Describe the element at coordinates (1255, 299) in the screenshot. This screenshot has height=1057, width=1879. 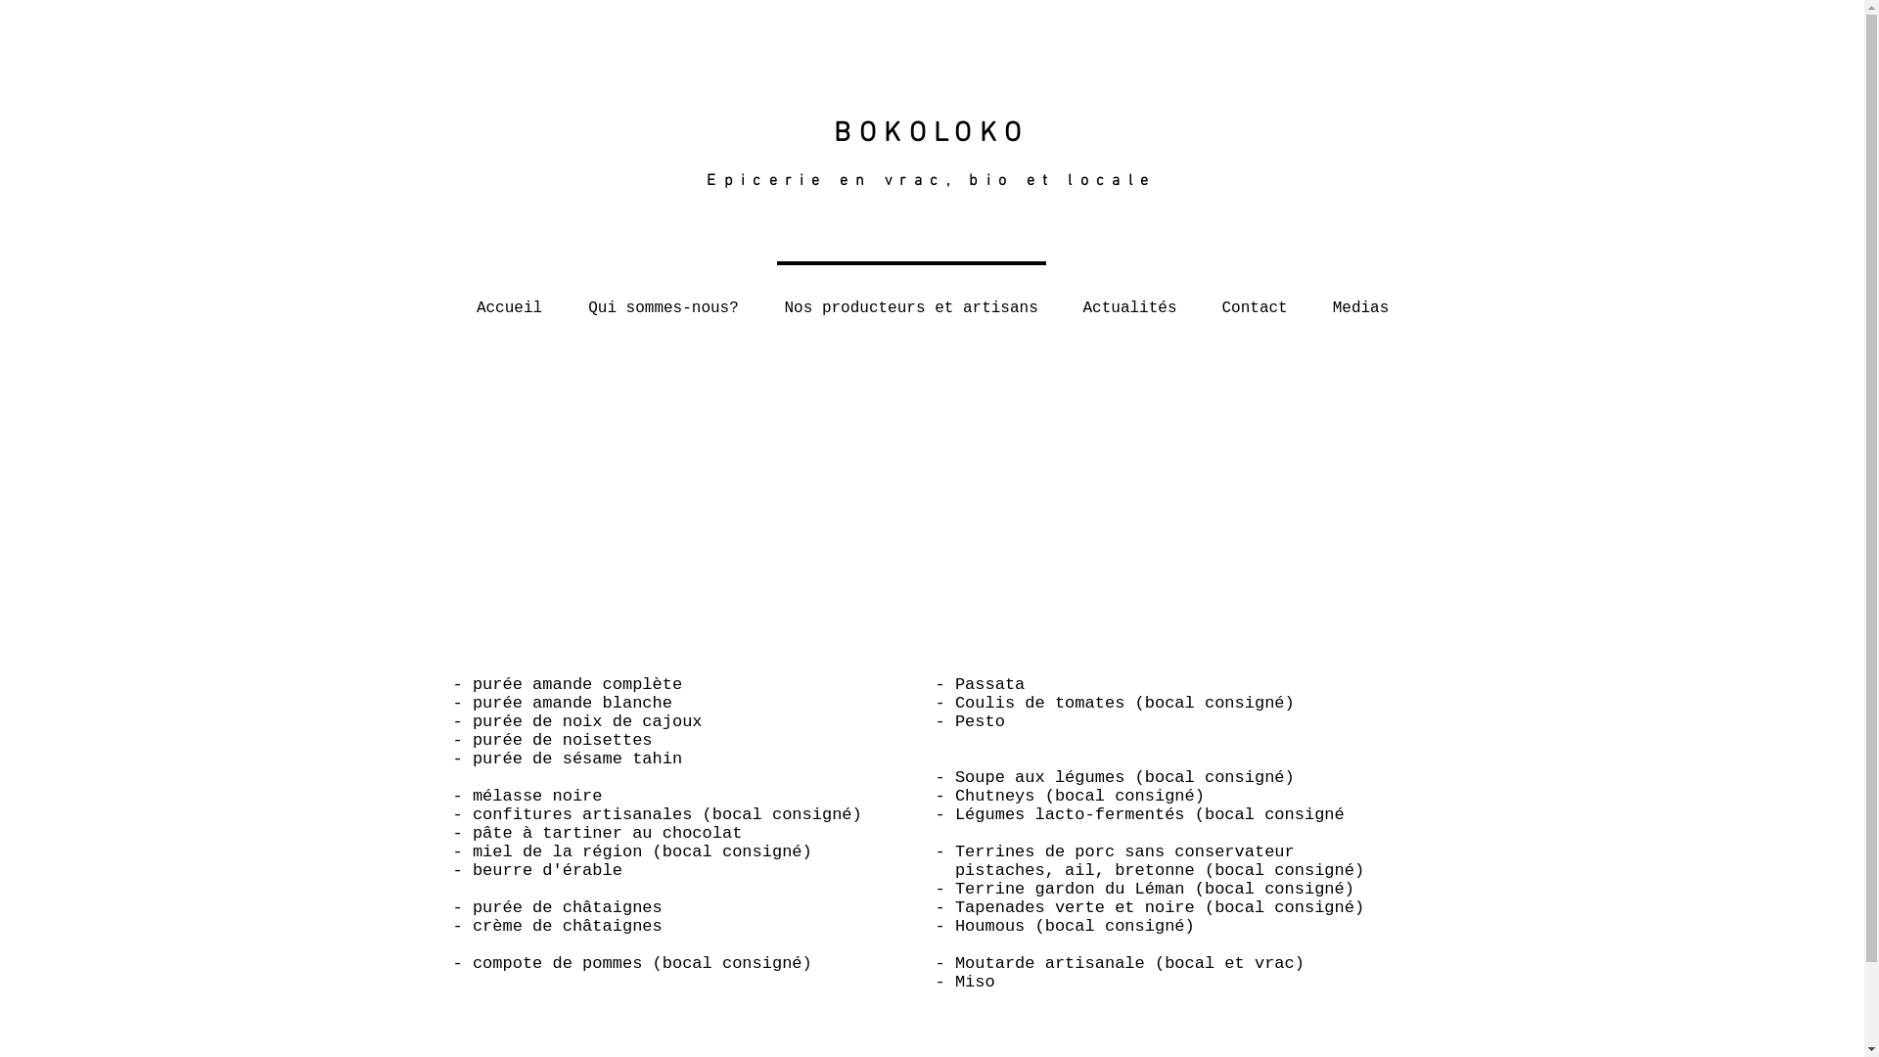
I see `'Contact'` at that location.